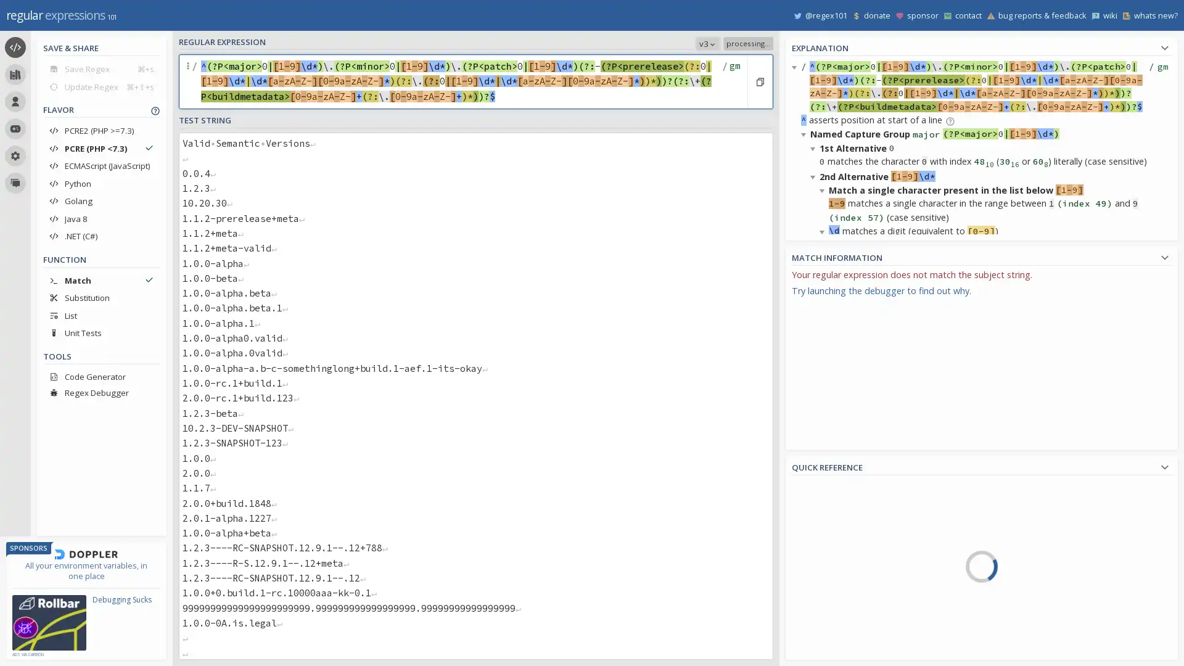  Describe the element at coordinates (849, 651) in the screenshot. I see `Flags/Modifiers` at that location.